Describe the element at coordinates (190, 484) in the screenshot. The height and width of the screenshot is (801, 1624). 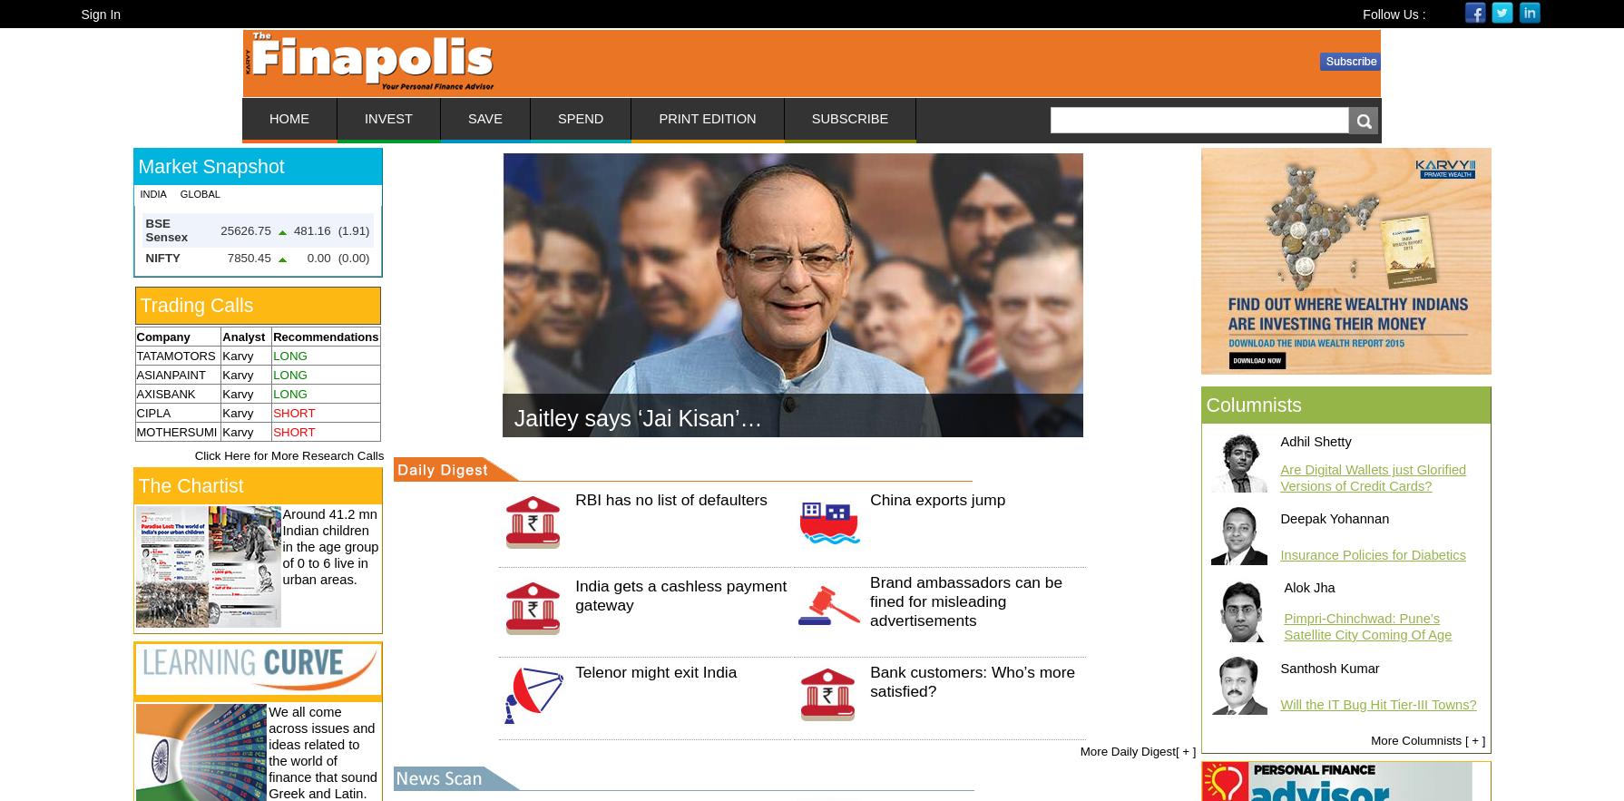
I see `'The Chartist'` at that location.